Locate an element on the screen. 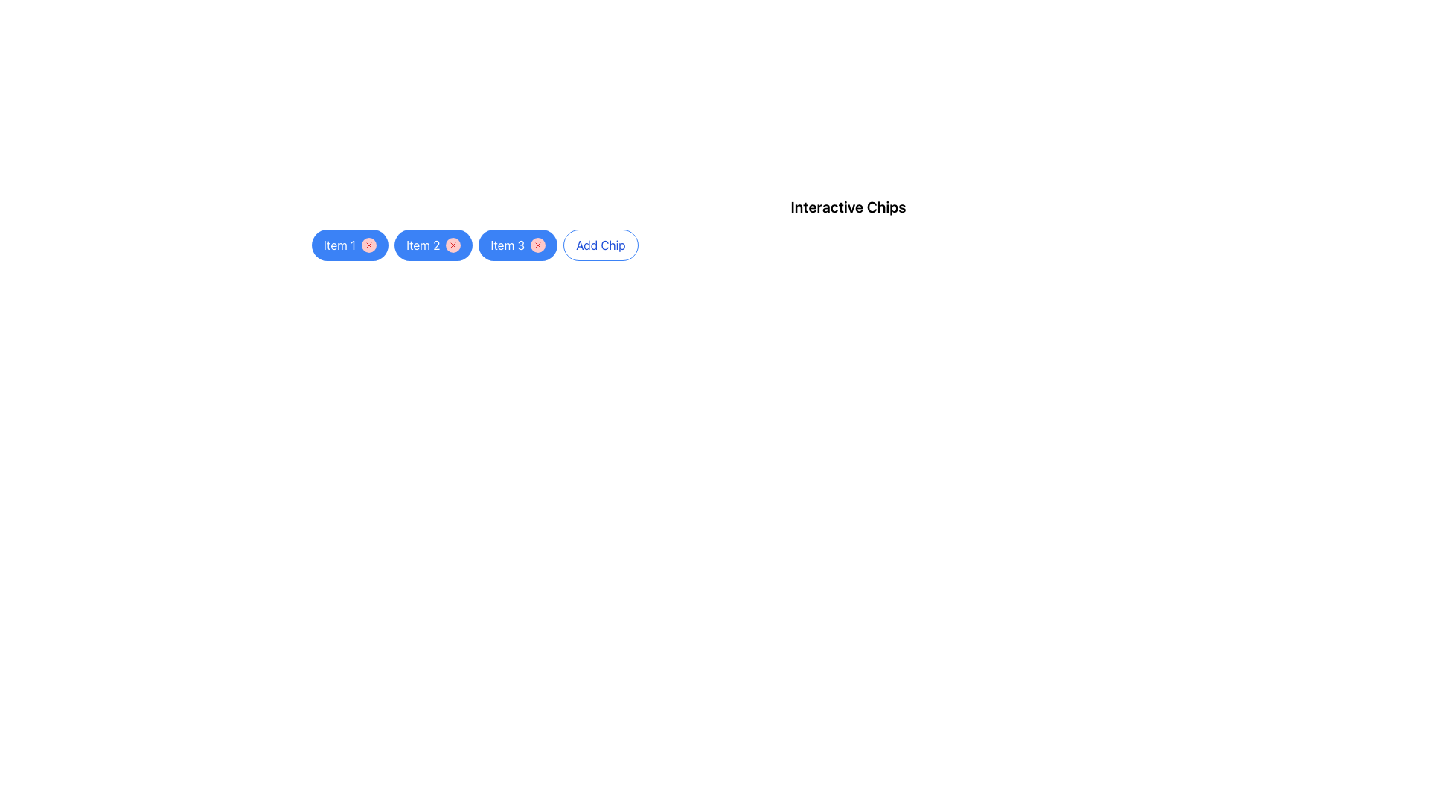 Image resolution: width=1429 pixels, height=803 pixels. the button located at the bottom-right corner of the group of buttons, which is used to add a new chip or similar object to a list is located at coordinates (601, 245).